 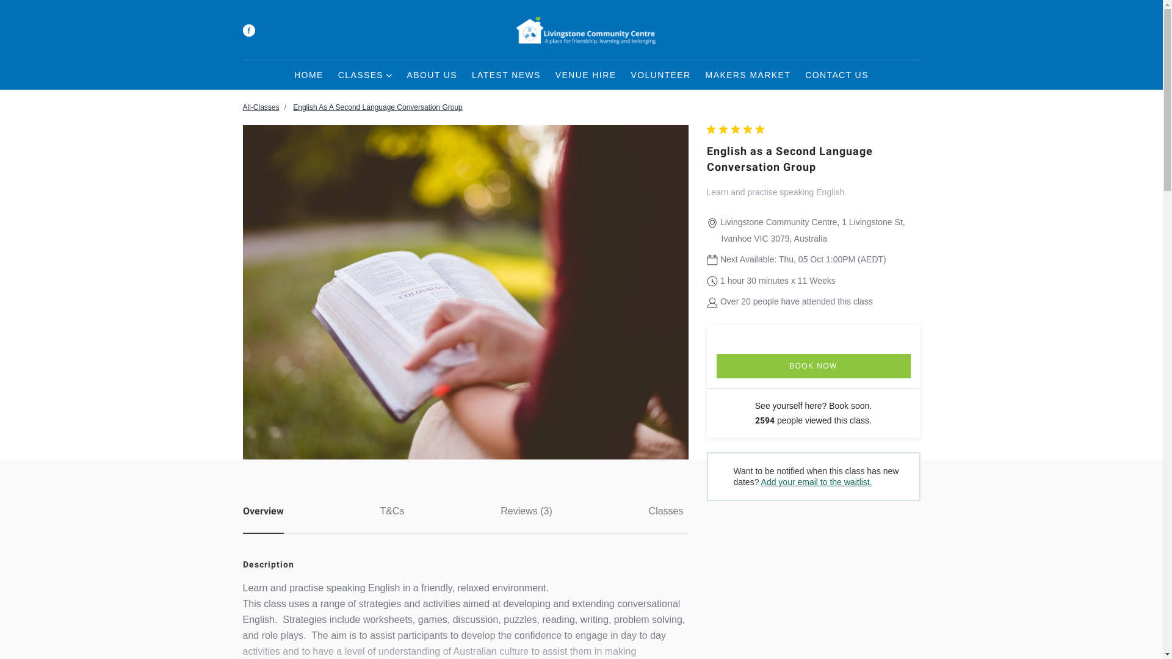 What do you see at coordinates (747, 75) in the screenshot?
I see `'MAKERS MARKET'` at bounding box center [747, 75].